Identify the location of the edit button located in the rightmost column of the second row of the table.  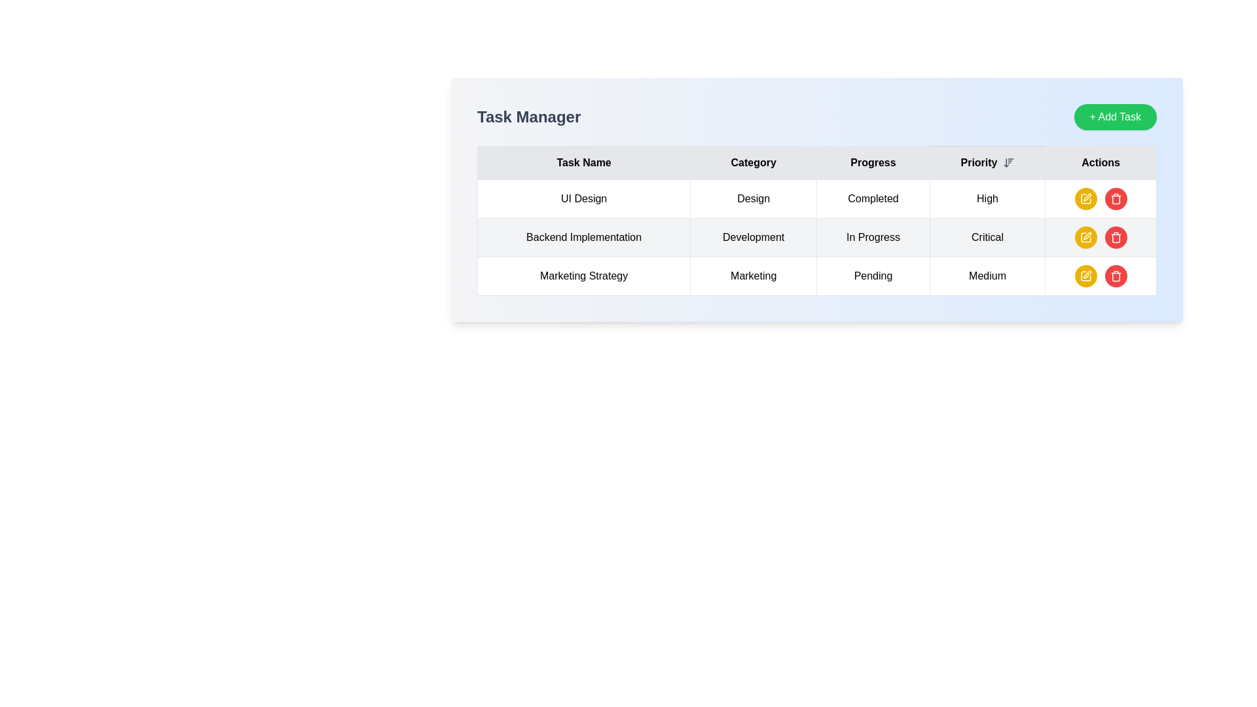
(1085, 237).